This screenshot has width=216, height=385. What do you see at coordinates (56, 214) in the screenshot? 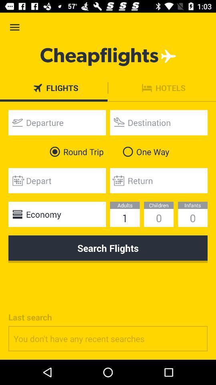
I see `the icon to the left of adults` at bounding box center [56, 214].